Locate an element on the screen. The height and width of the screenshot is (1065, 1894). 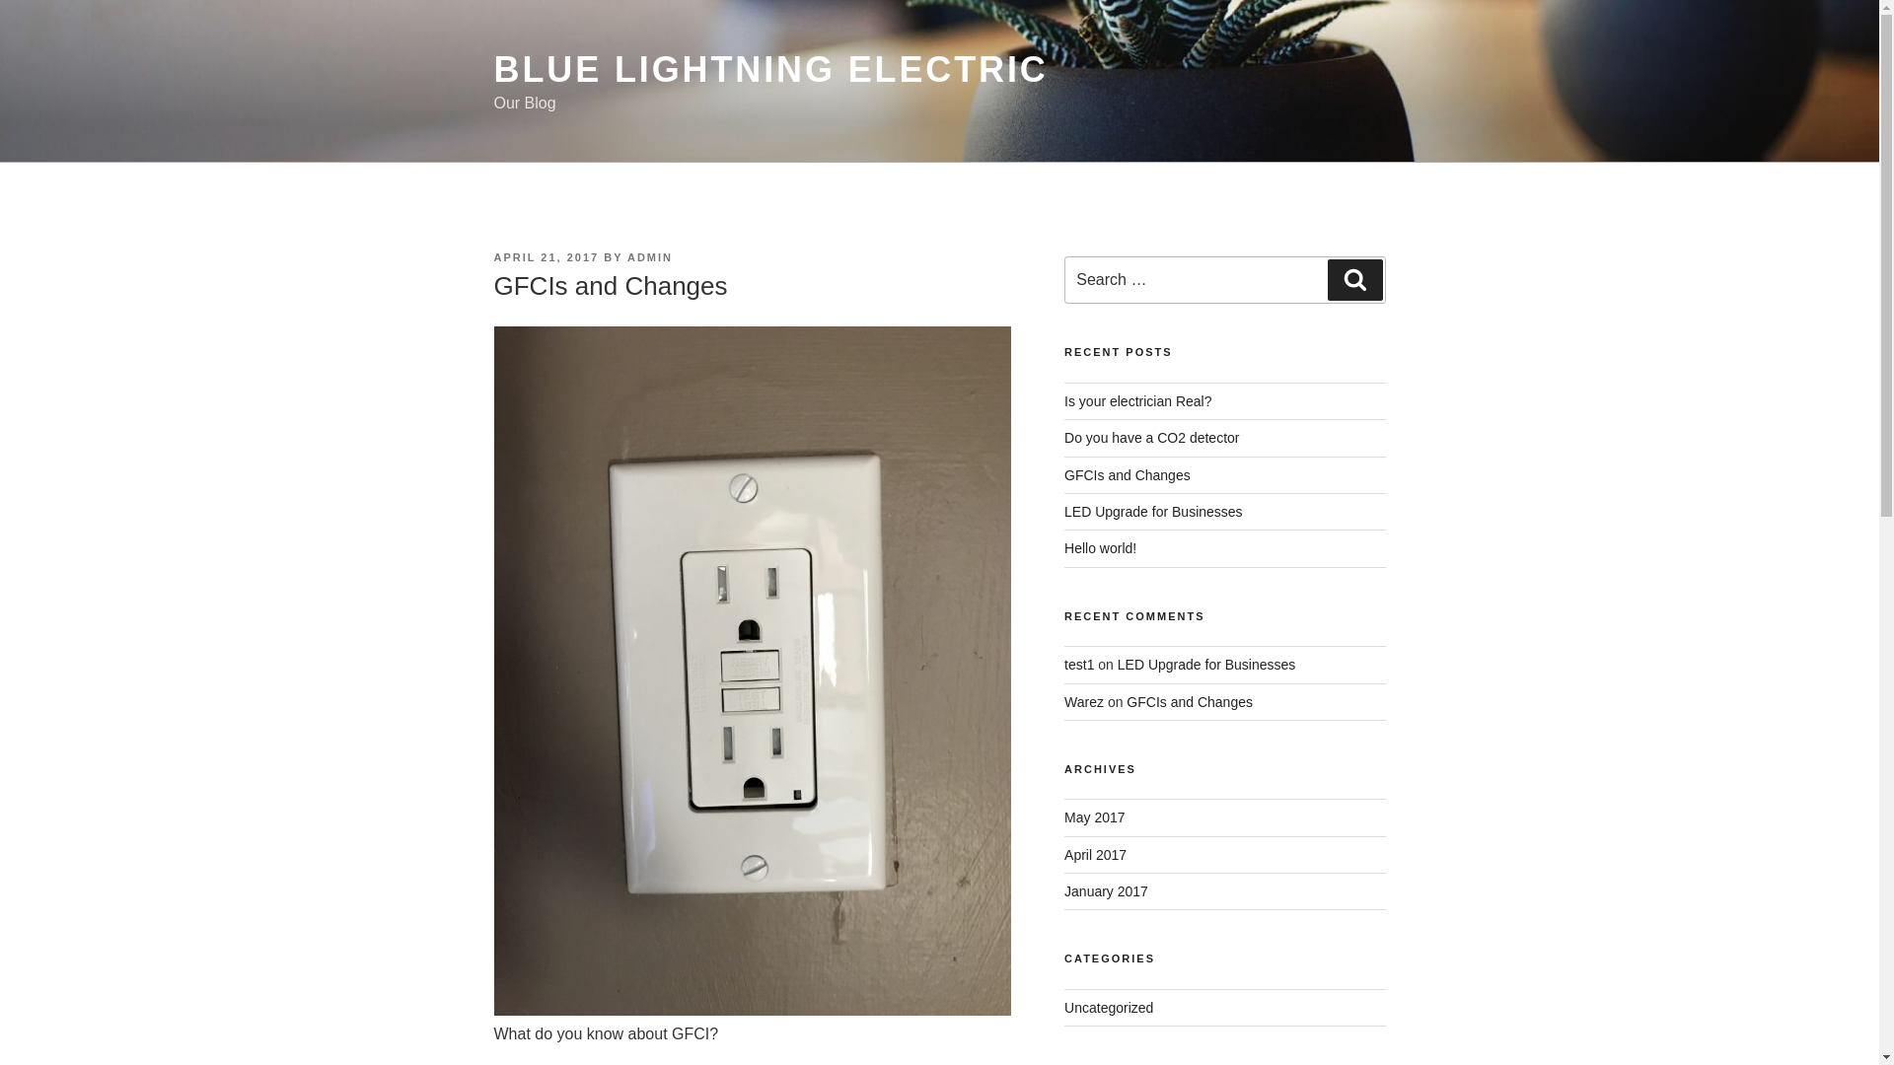
'BLUE LIGHTNING ELECTRIC' is located at coordinates (769, 68).